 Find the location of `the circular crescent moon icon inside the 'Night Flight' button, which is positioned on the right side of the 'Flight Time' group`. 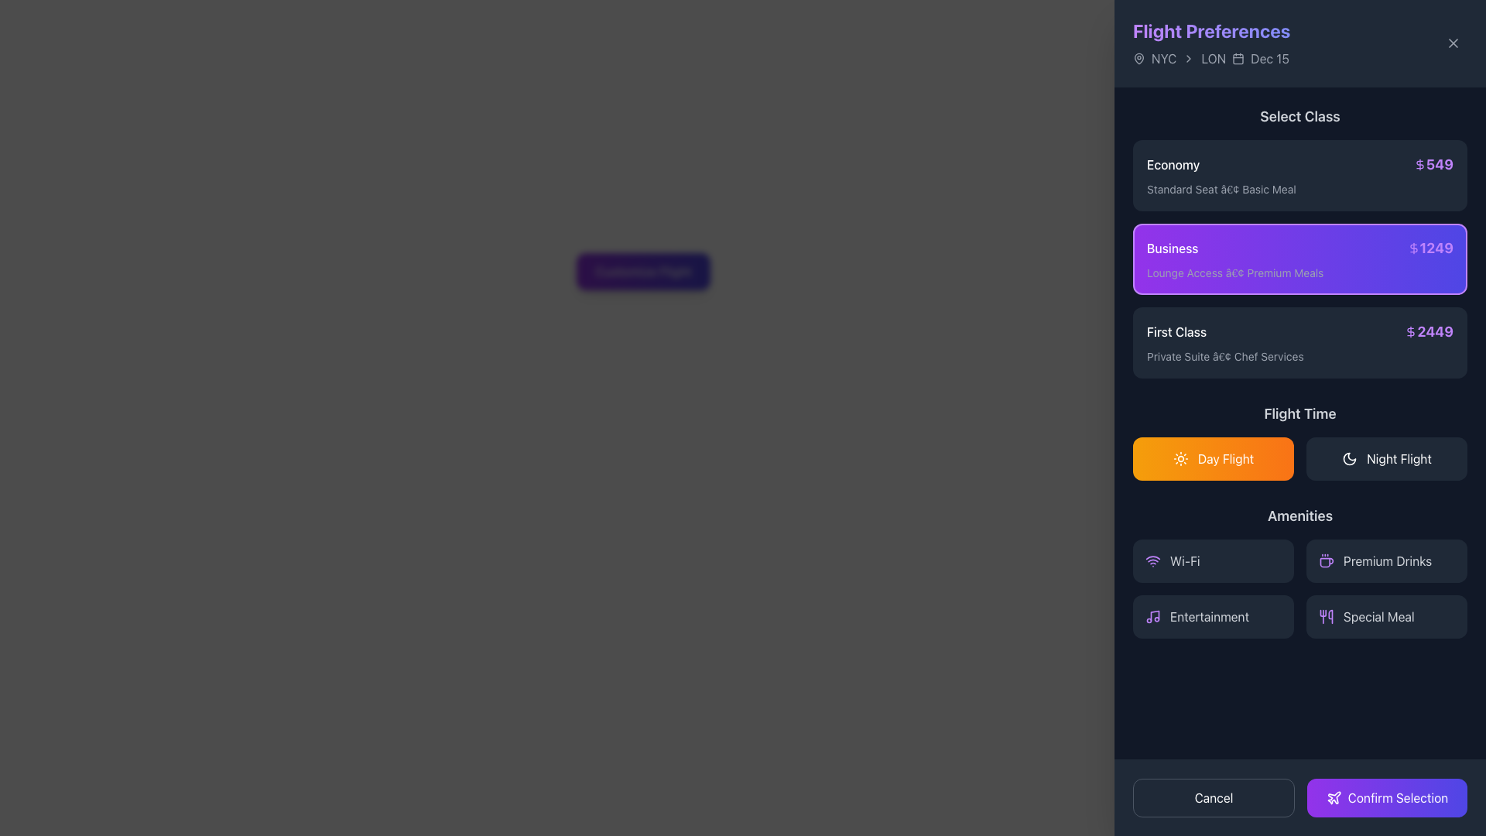

the circular crescent moon icon inside the 'Night Flight' button, which is positioned on the right side of the 'Flight Time' group is located at coordinates (1349, 458).